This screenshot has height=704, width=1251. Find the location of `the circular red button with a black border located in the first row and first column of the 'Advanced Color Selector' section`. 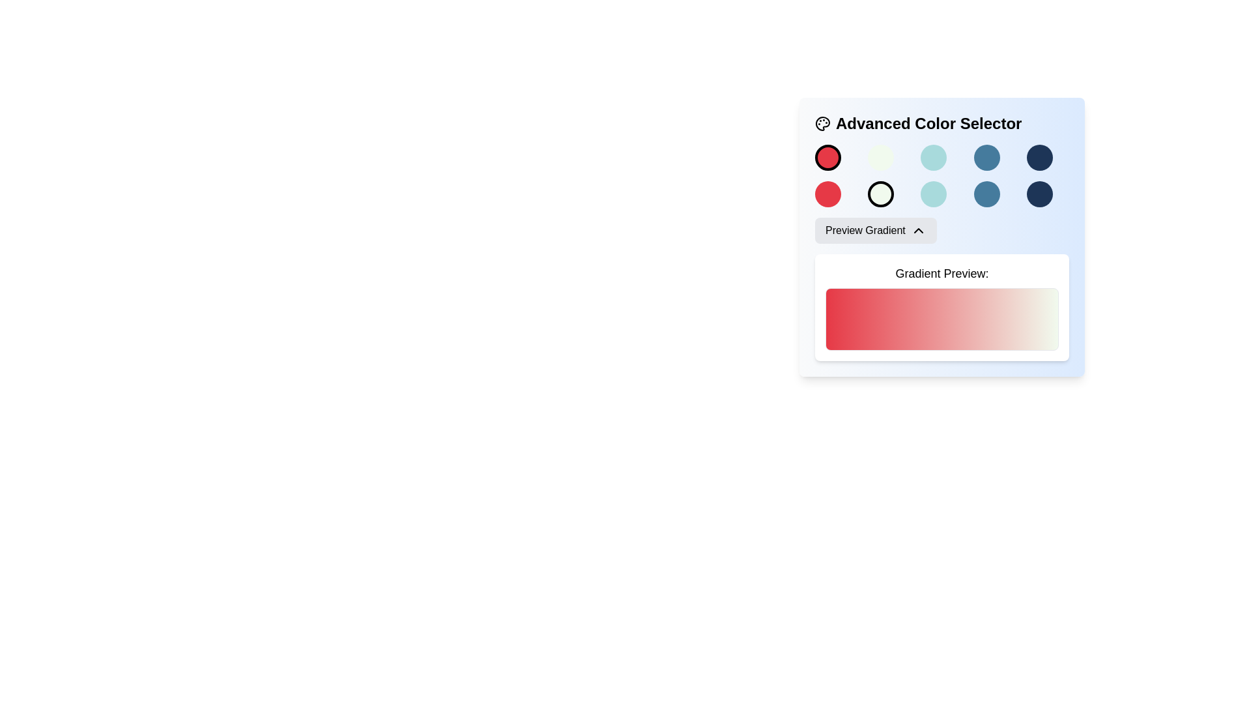

the circular red button with a black border located in the first row and first column of the 'Advanced Color Selector' section is located at coordinates (827, 157).